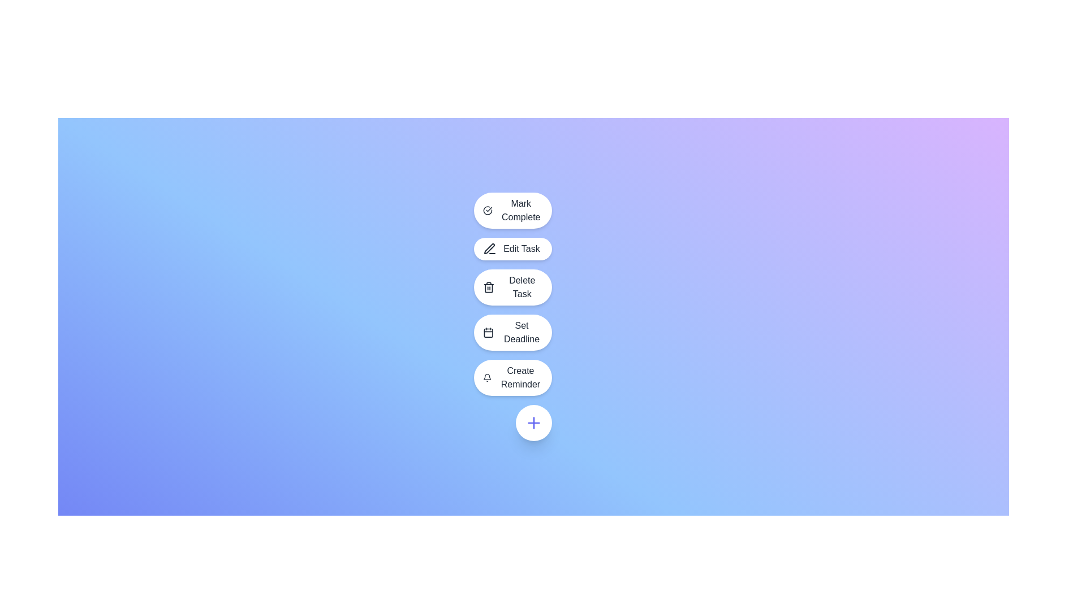  What do you see at coordinates (520, 332) in the screenshot?
I see `the interactive deadline setting button located between the 'Delete Task' button and the 'Create Reminder' button` at bounding box center [520, 332].